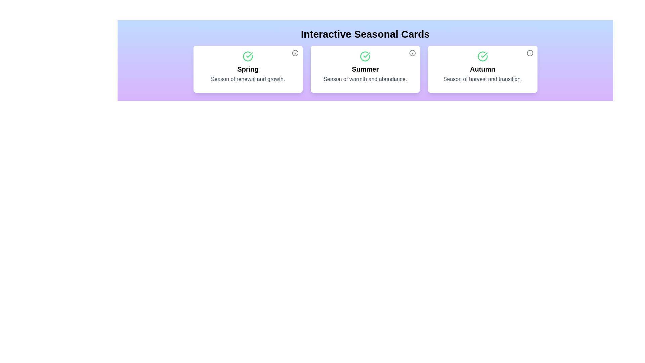 The height and width of the screenshot is (363, 645). I want to click on the visual display card presenting information about the season of Spring, which is the first card in a grid layout of seasonal cards, so click(248, 69).